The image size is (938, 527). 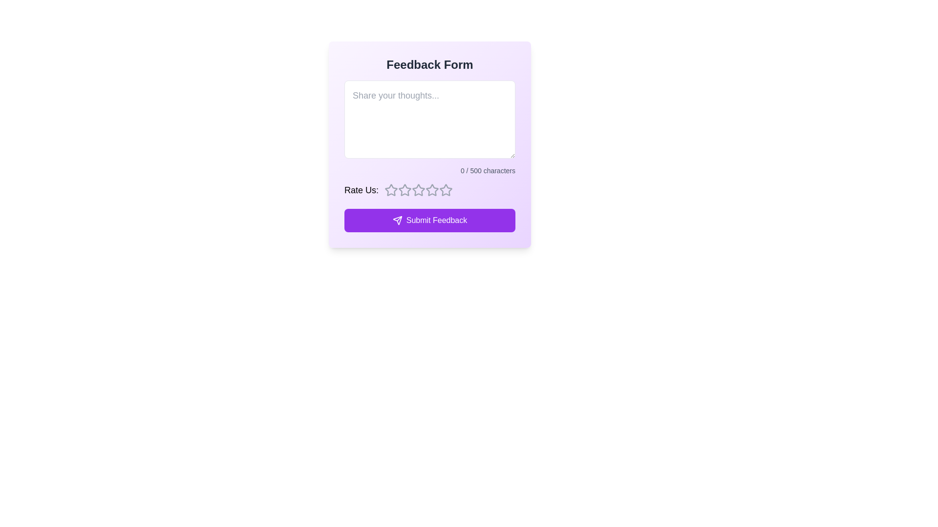 I want to click on the third star icon in the rating system, so click(x=432, y=190).